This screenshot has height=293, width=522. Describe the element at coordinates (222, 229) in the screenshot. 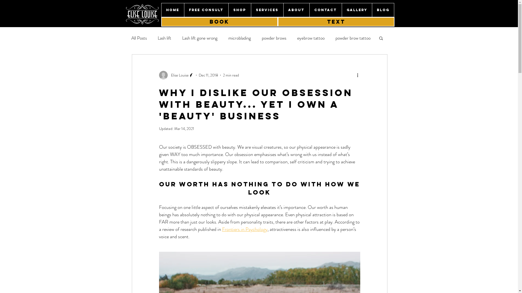

I see `'Frontiers in Psychology'` at that location.